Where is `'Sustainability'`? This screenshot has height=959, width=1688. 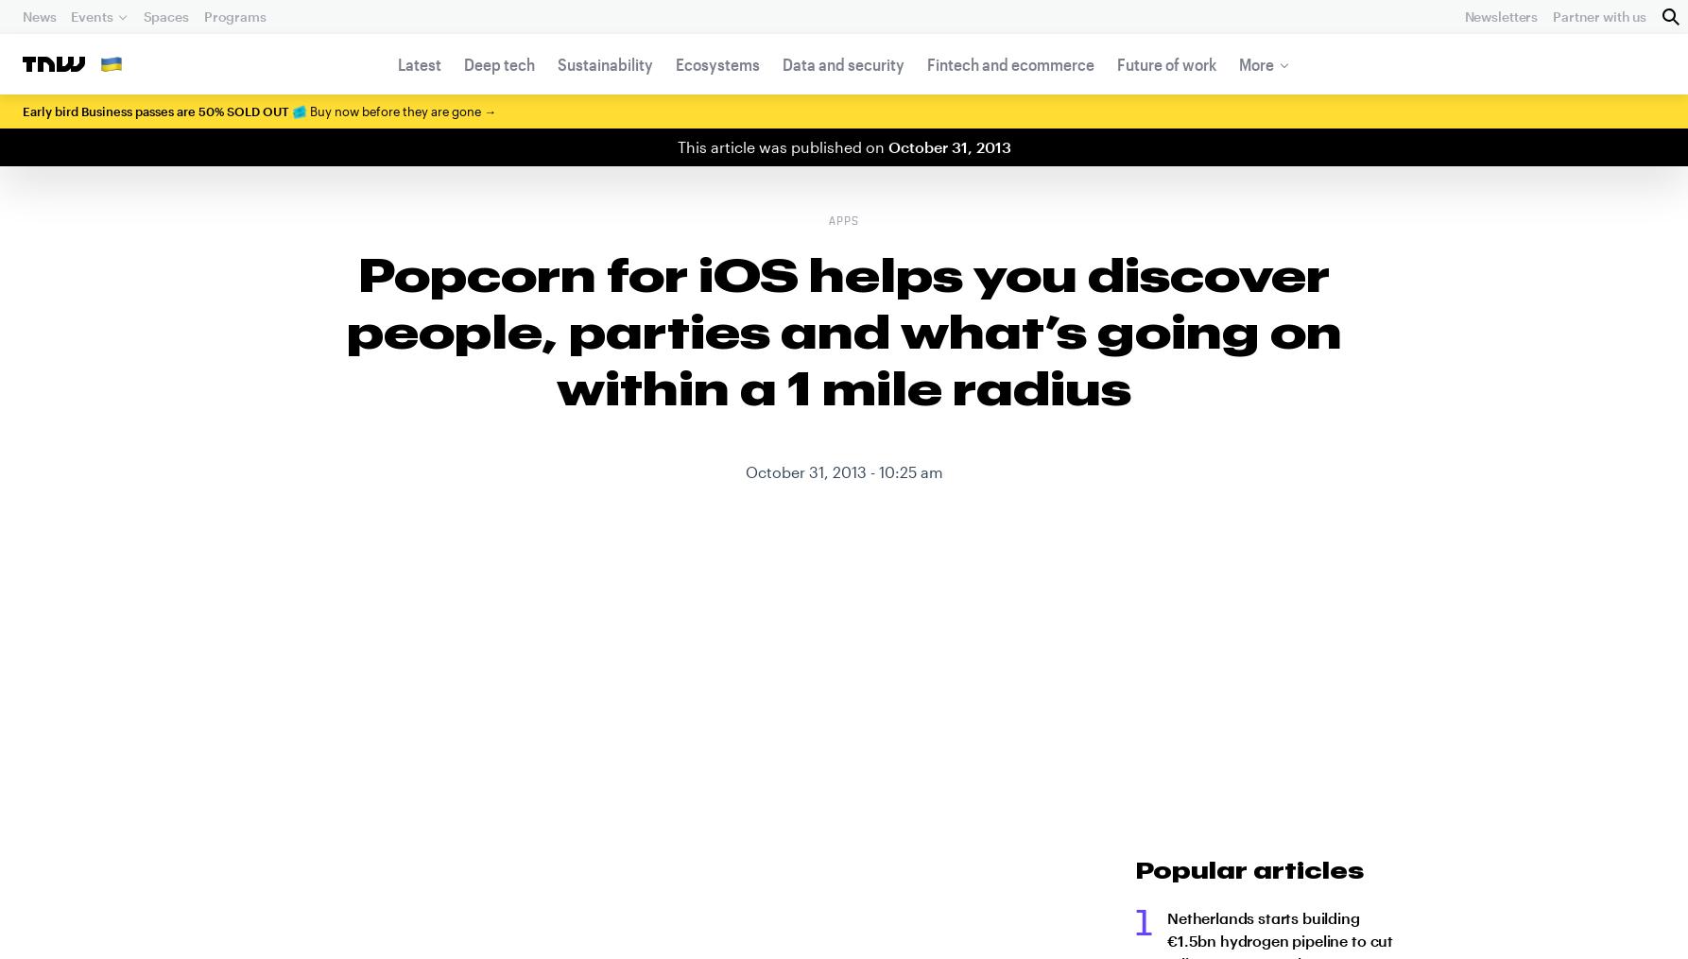 'Sustainability' is located at coordinates (605, 63).